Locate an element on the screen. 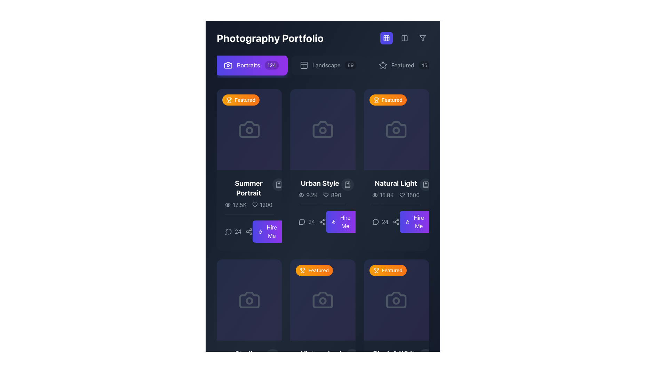 This screenshot has height=375, width=668. the text label displaying 'Photography Portfolio', which is a large, bold white font serving as a header against a dark background is located at coordinates (270, 38).